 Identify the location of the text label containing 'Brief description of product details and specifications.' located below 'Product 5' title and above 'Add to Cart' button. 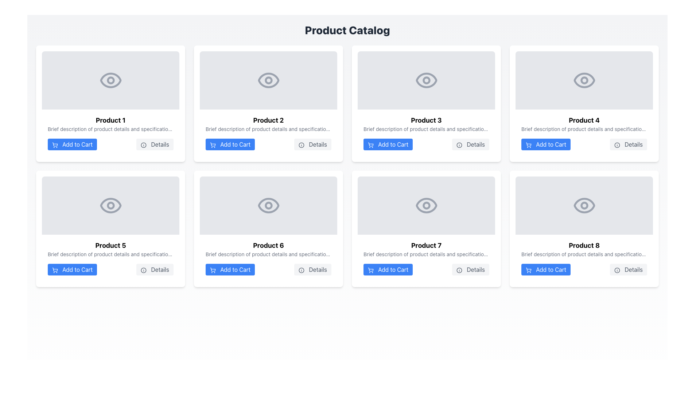
(110, 254).